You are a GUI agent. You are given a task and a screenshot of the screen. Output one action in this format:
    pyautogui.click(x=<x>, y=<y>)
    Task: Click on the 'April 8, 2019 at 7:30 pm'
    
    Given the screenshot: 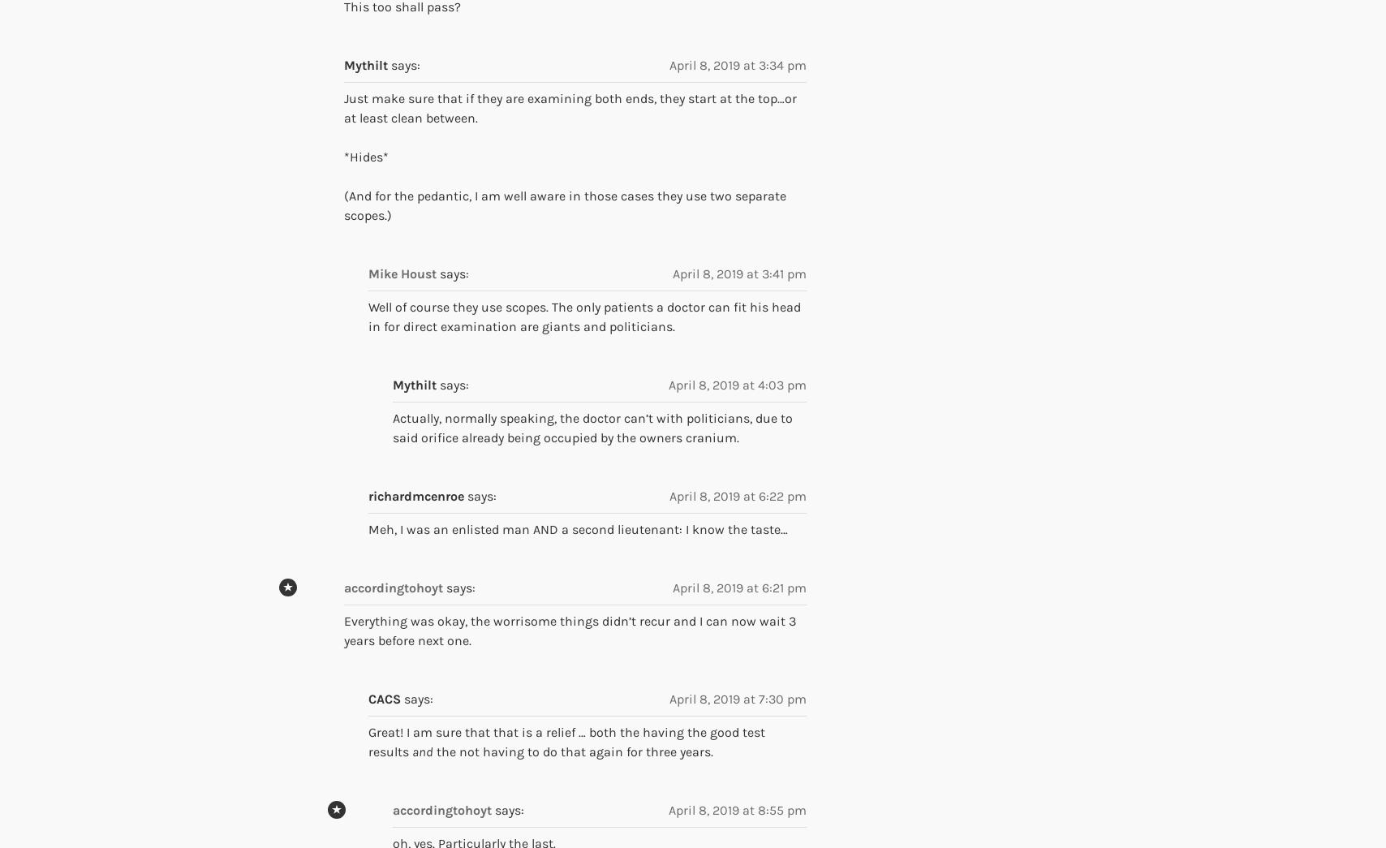 What is the action you would take?
    pyautogui.click(x=738, y=697)
    